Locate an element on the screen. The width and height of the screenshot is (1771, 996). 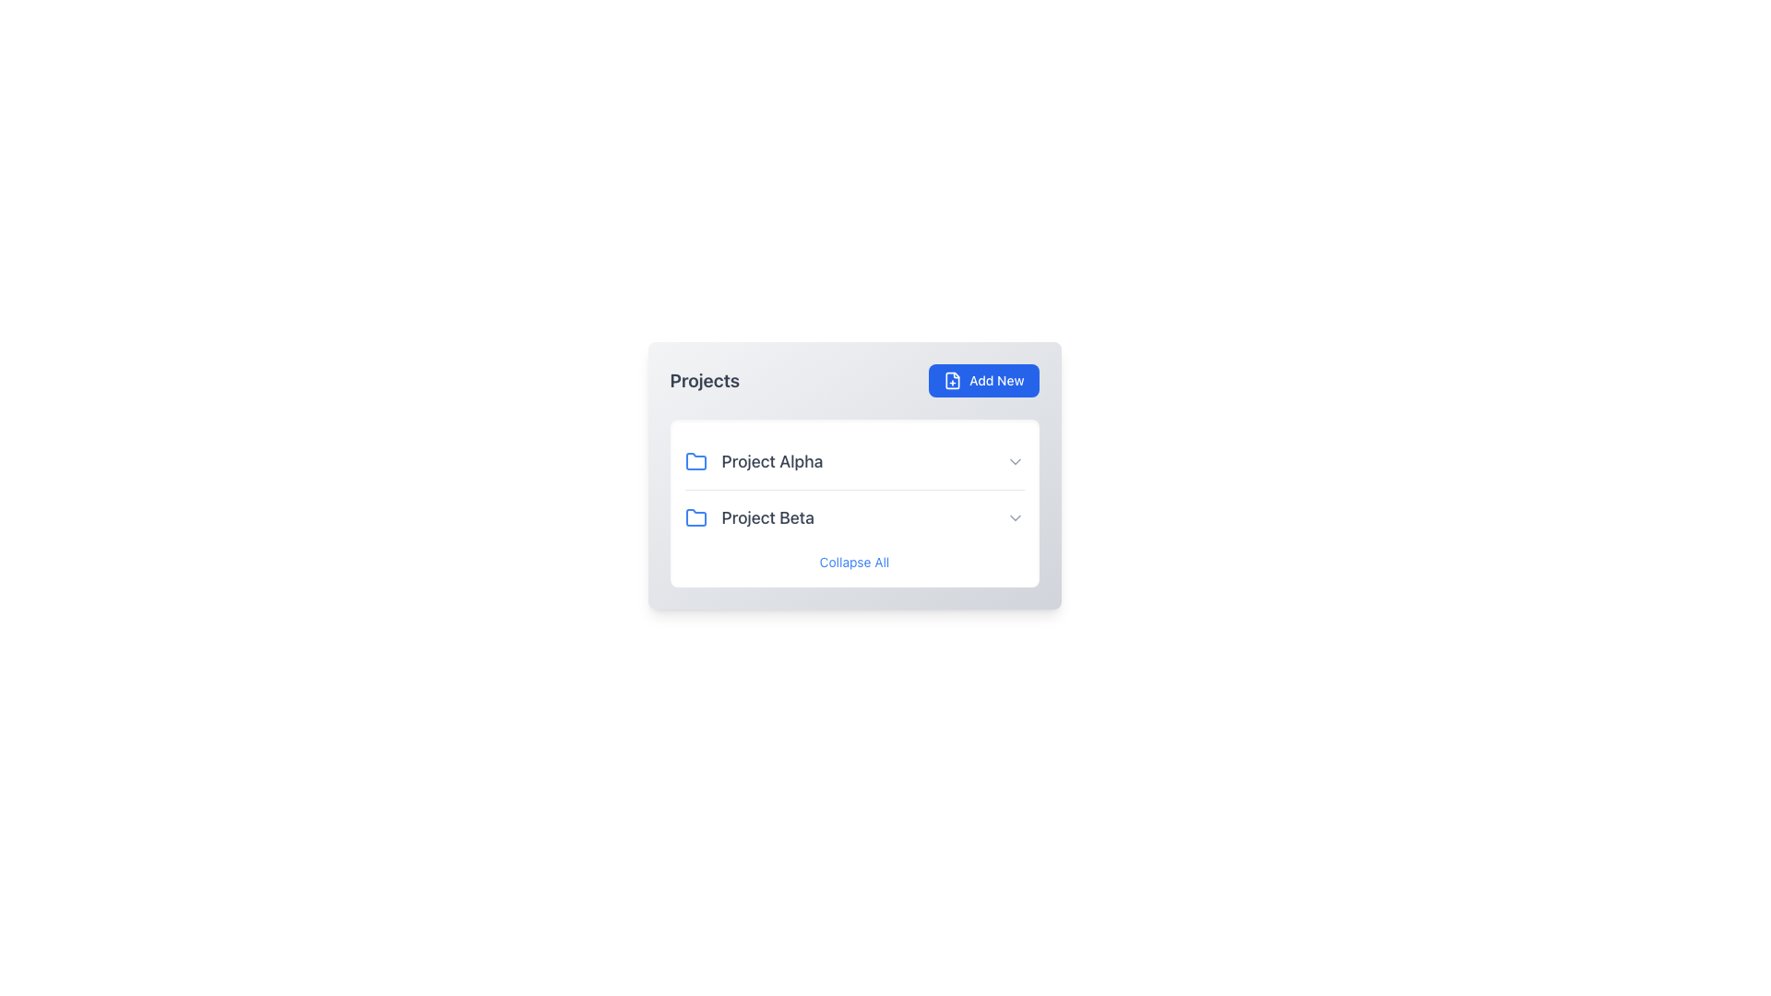
the blue outlined document icon with a plus sign located in the 'Add New' button at the top-right corner of the project folders management card is located at coordinates (953, 379).